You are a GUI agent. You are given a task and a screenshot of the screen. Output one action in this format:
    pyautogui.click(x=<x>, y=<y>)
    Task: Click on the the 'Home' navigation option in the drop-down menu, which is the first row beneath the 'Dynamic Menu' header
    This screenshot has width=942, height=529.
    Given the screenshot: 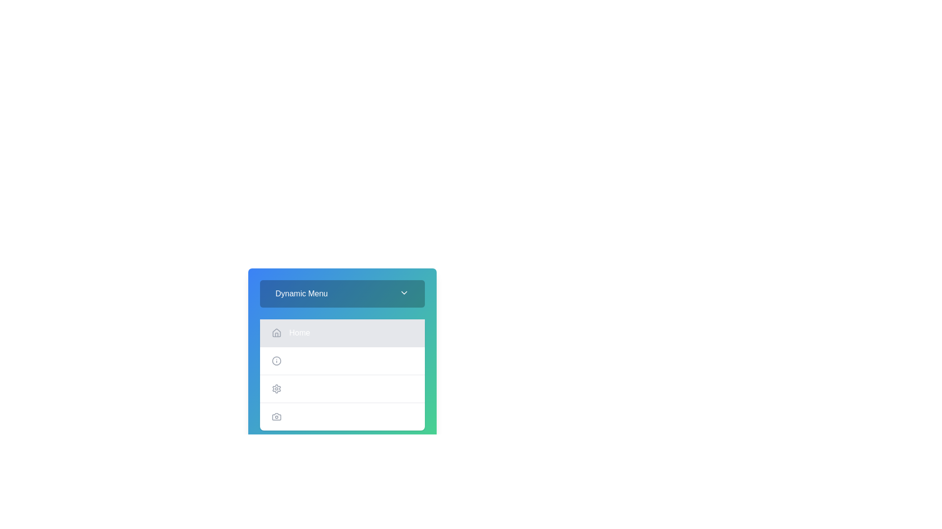 What is the action you would take?
    pyautogui.click(x=342, y=345)
    